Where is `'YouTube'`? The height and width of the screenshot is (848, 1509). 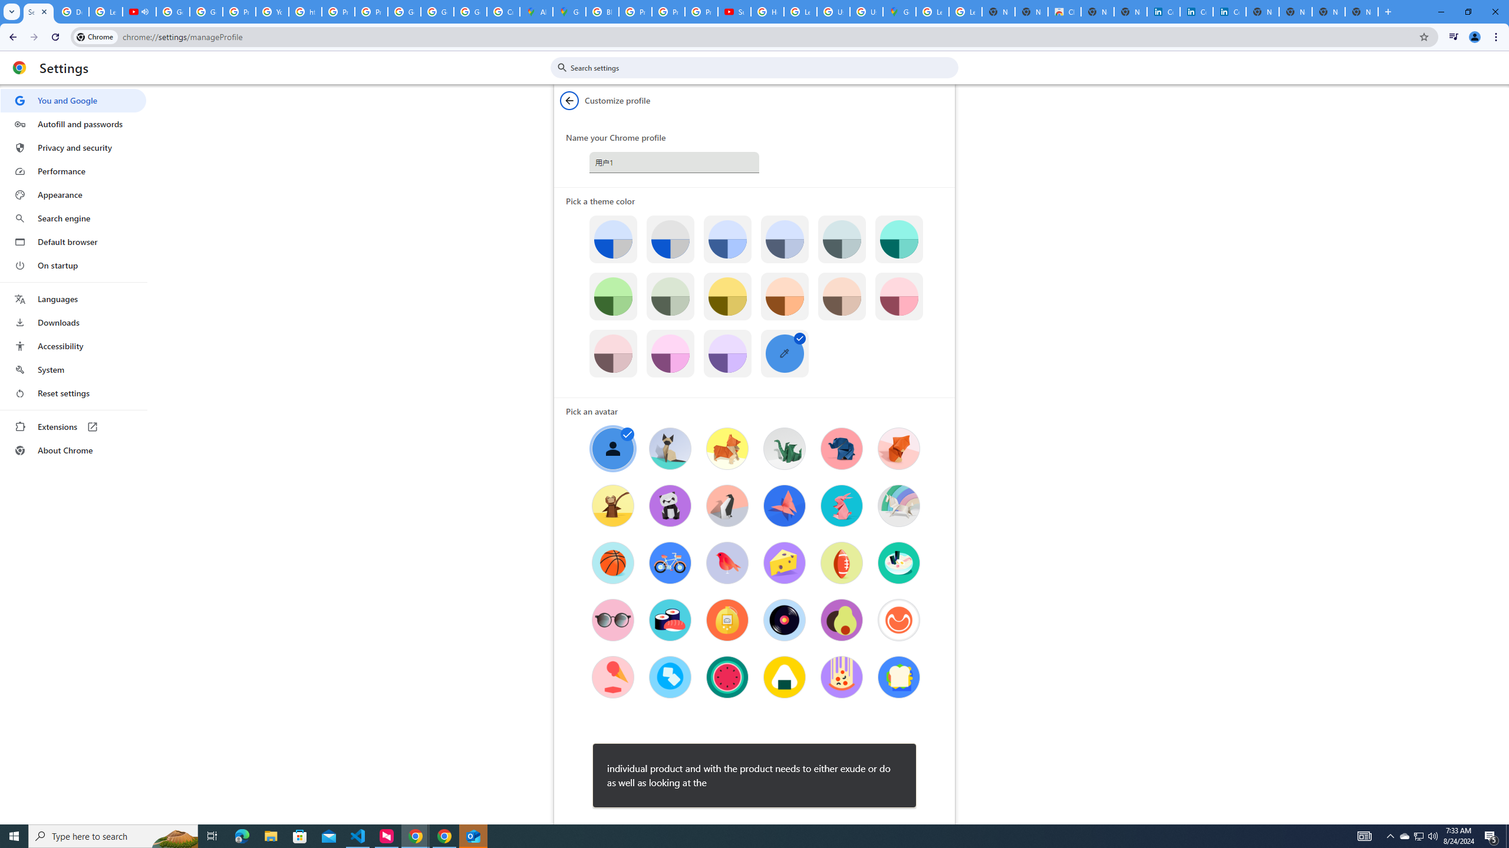 'YouTube' is located at coordinates (272, 11).